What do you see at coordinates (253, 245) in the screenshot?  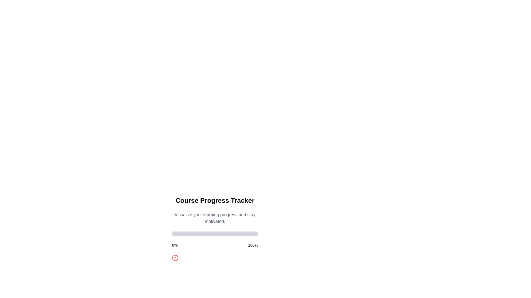 I see `the Static Label indicating the completion point of the progress bar, which is aligned to the right of the sibling element displaying '0%'` at bounding box center [253, 245].